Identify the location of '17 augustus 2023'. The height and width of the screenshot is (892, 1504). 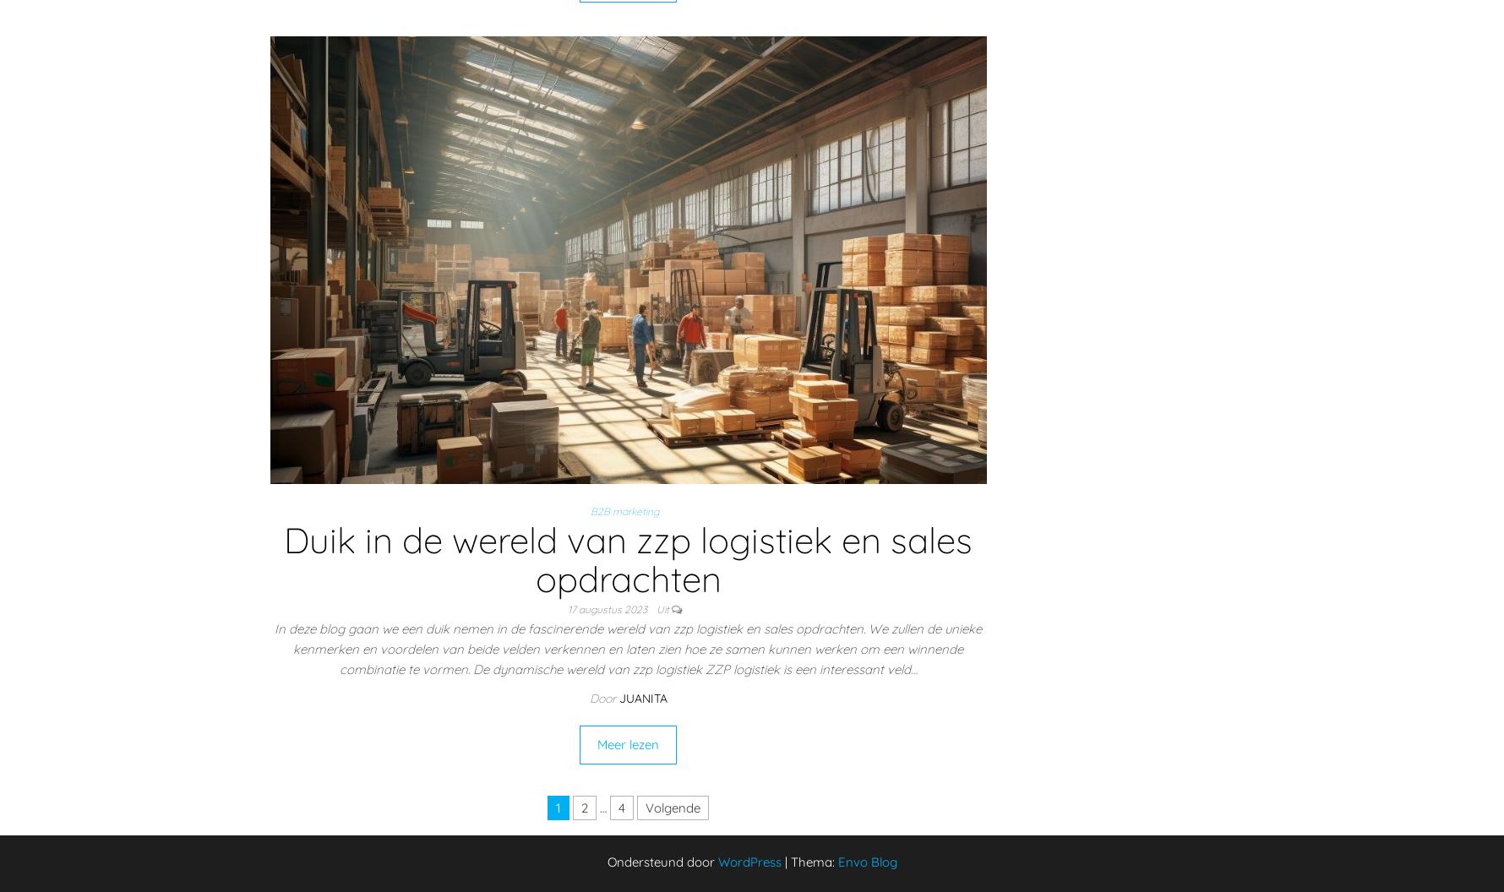
(608, 609).